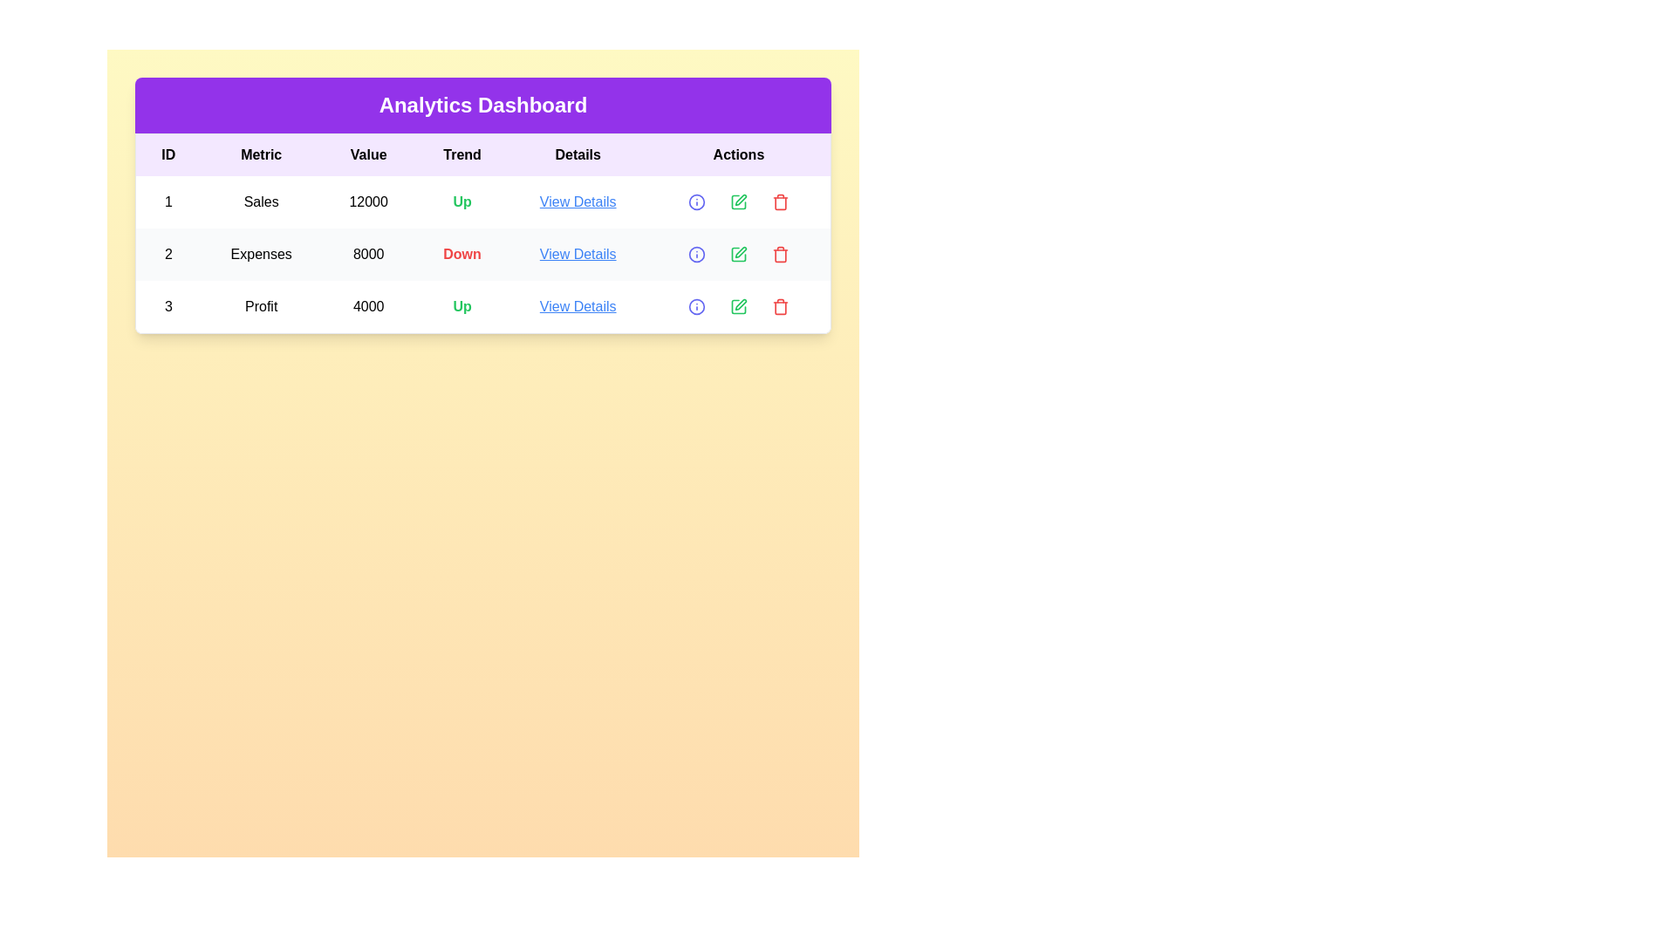  Describe the element at coordinates (578, 201) in the screenshot. I see `the hyperlink in the 'Details' column of the first row of the table` at that location.